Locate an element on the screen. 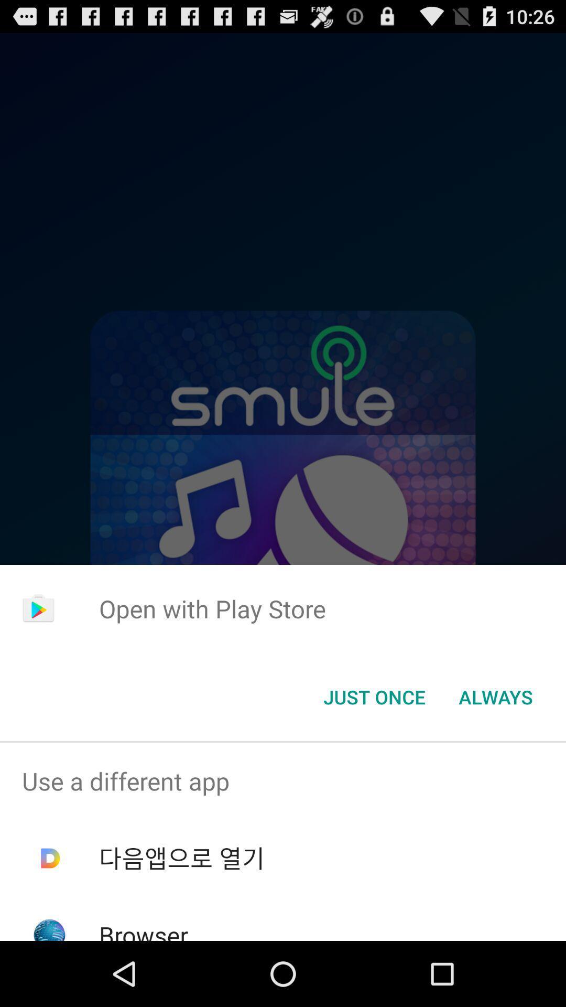 This screenshot has width=566, height=1007. use a different icon is located at coordinates (283, 781).